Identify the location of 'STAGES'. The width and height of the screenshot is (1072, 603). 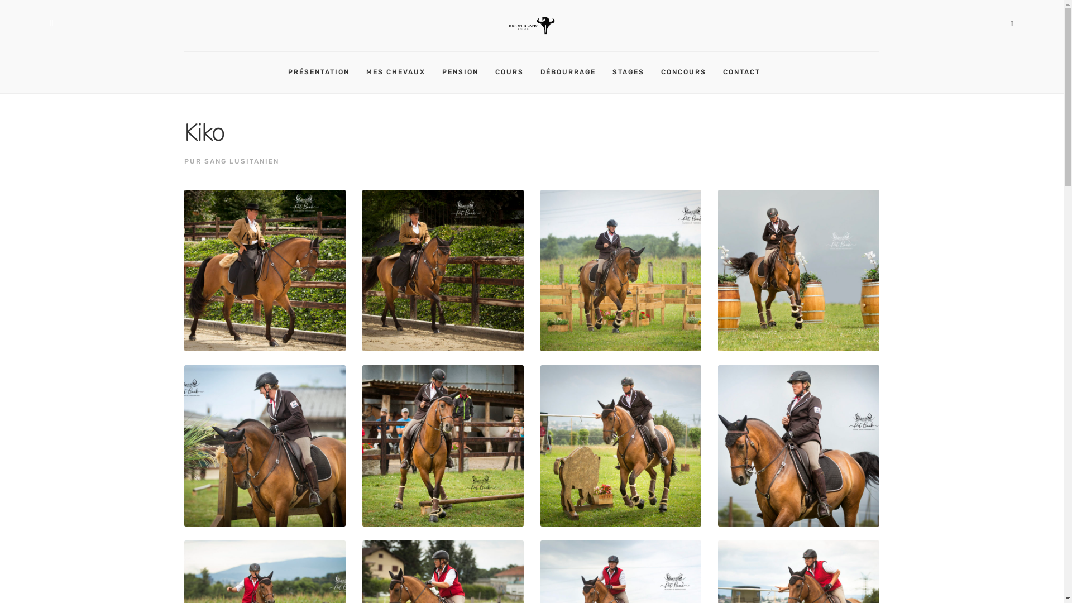
(612, 73).